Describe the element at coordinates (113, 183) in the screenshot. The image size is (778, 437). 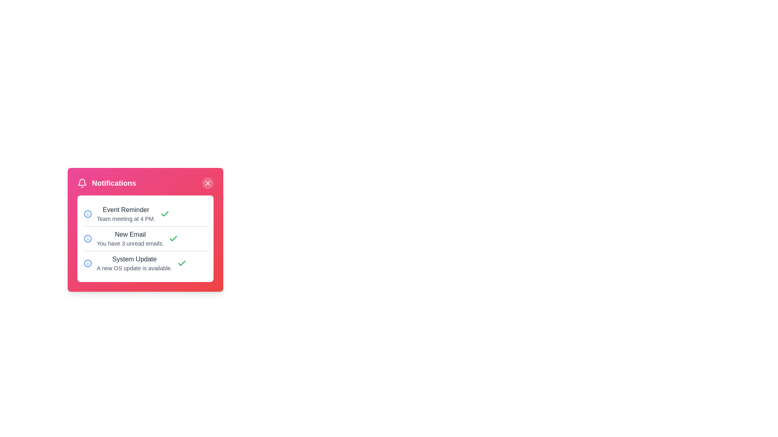
I see `text label displaying 'Notifications' which is styled as a heading, located at the top-left corner of the notification card component` at that location.